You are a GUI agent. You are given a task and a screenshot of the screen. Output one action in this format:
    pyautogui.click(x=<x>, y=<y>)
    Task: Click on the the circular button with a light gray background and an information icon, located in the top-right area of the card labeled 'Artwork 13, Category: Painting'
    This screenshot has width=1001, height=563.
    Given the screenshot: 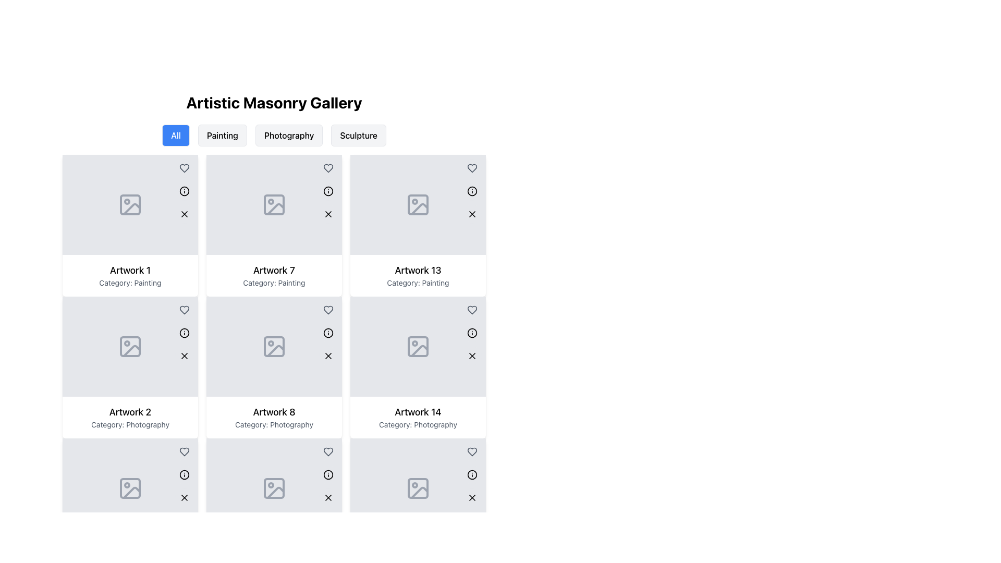 What is the action you would take?
    pyautogui.click(x=472, y=333)
    